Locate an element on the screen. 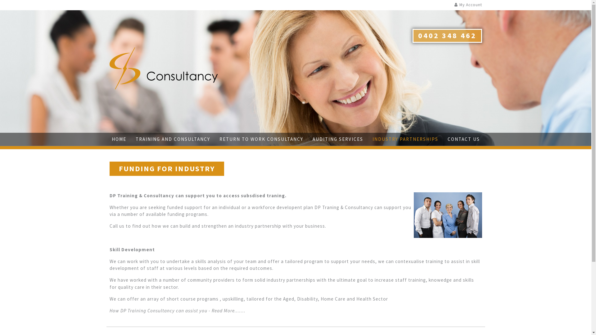 The image size is (596, 335). 'AUDITING SERVICES' is located at coordinates (312, 139).